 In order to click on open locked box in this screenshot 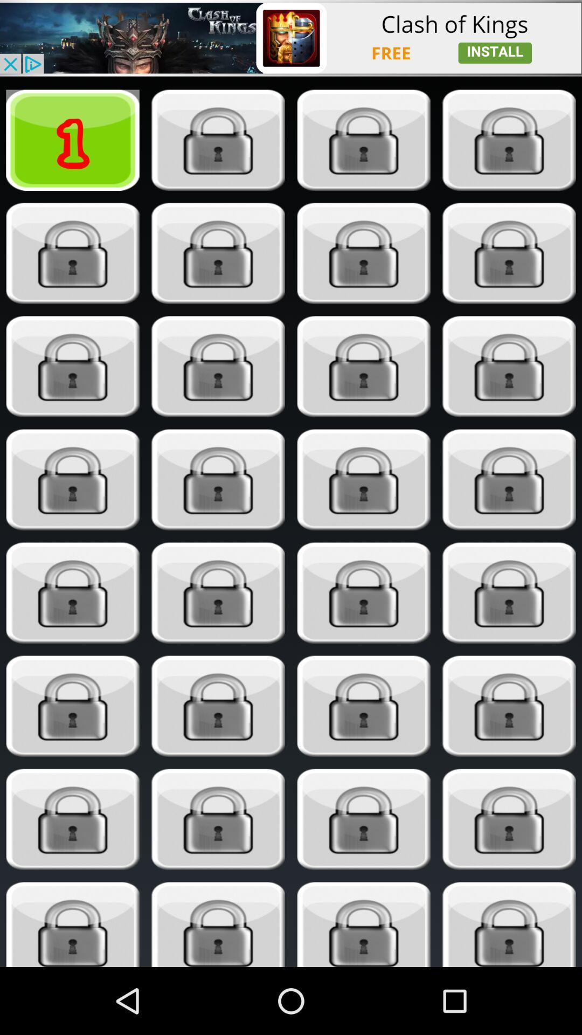, I will do `click(364, 592)`.